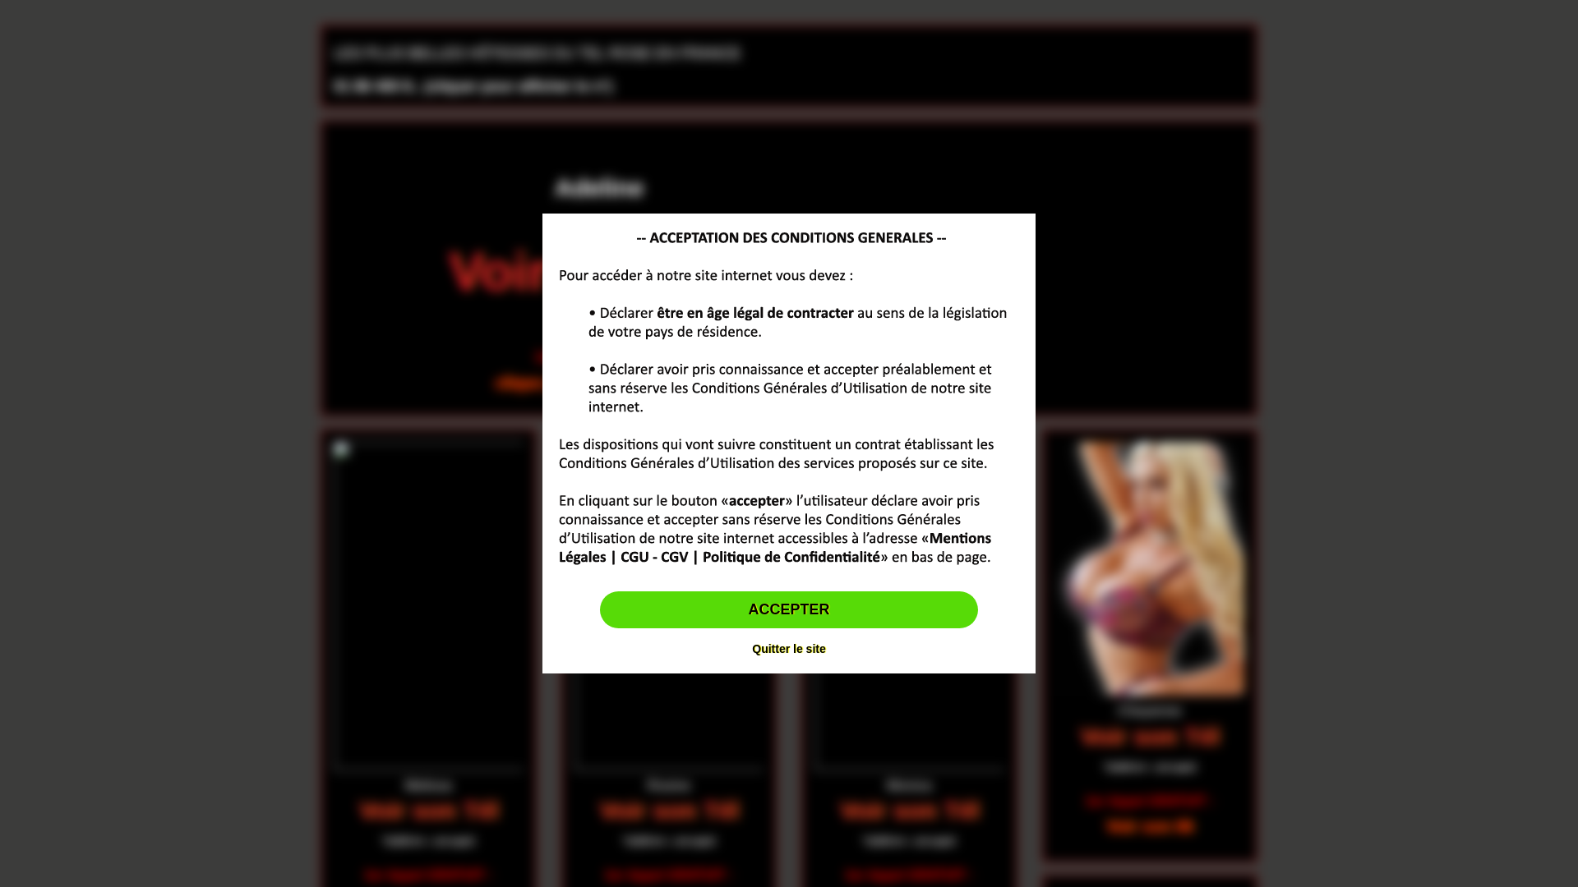  What do you see at coordinates (787, 610) in the screenshot?
I see `'ACCEPTER'` at bounding box center [787, 610].